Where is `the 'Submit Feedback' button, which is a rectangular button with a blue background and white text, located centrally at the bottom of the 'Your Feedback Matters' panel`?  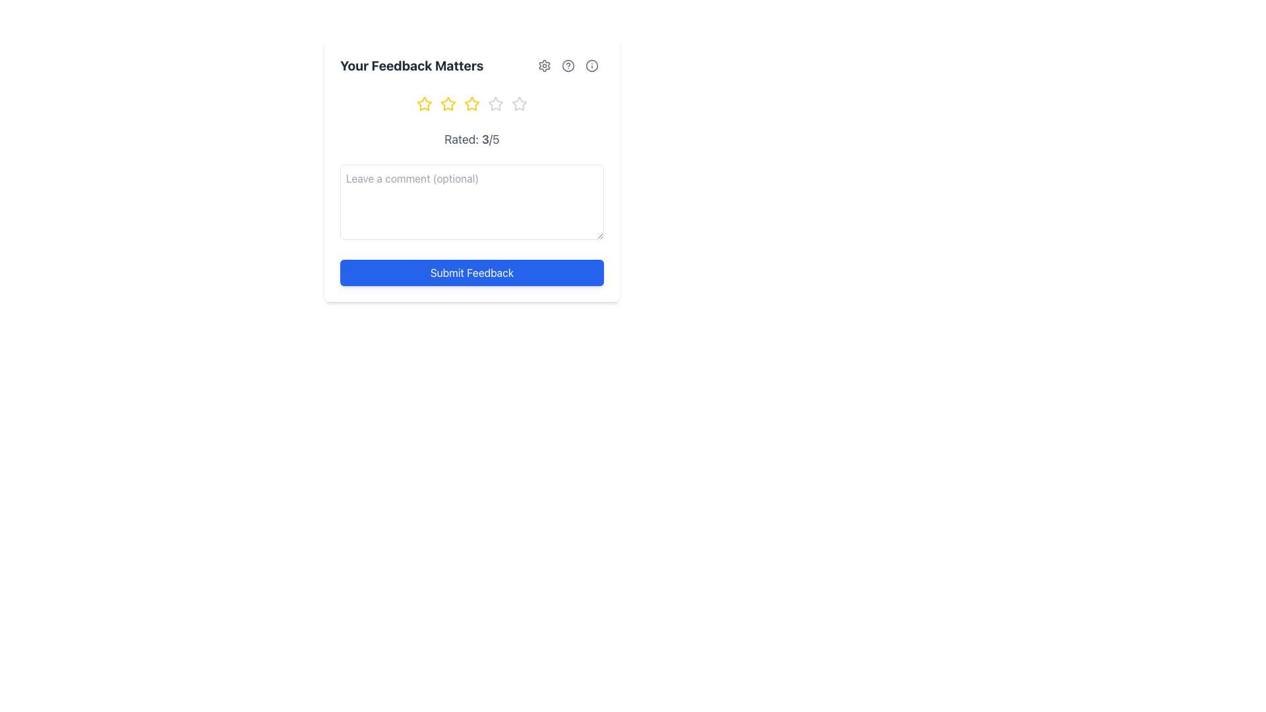 the 'Submit Feedback' button, which is a rectangular button with a blue background and white text, located centrally at the bottom of the 'Your Feedback Matters' panel is located at coordinates (471, 272).